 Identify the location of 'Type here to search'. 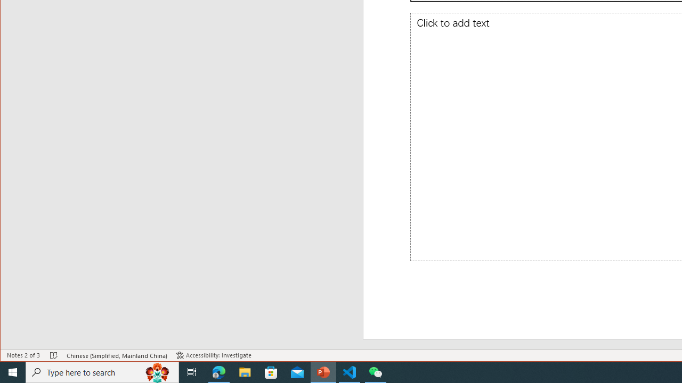
(102, 371).